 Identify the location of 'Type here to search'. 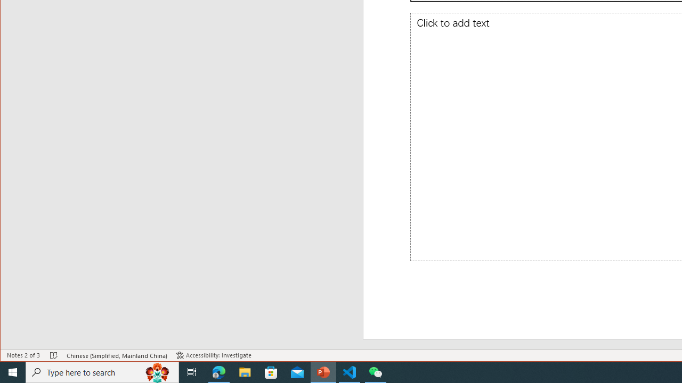
(102, 371).